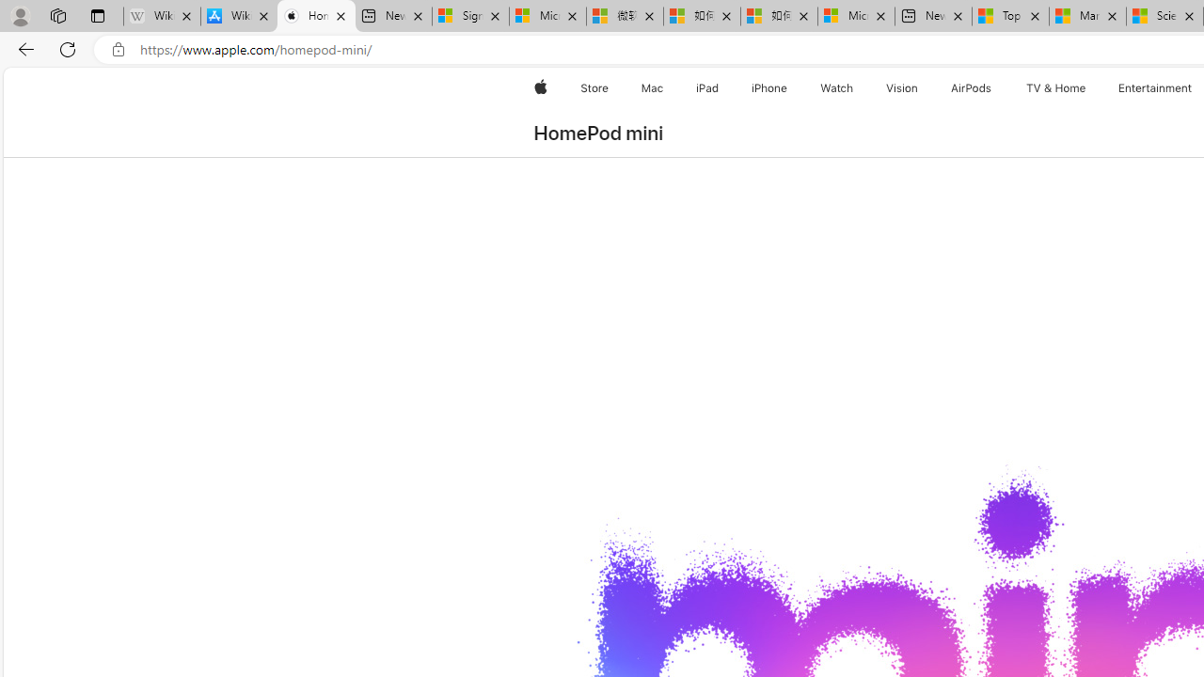 Image resolution: width=1204 pixels, height=677 pixels. Describe the element at coordinates (1055, 87) in the screenshot. I see `'TV & Home'` at that location.